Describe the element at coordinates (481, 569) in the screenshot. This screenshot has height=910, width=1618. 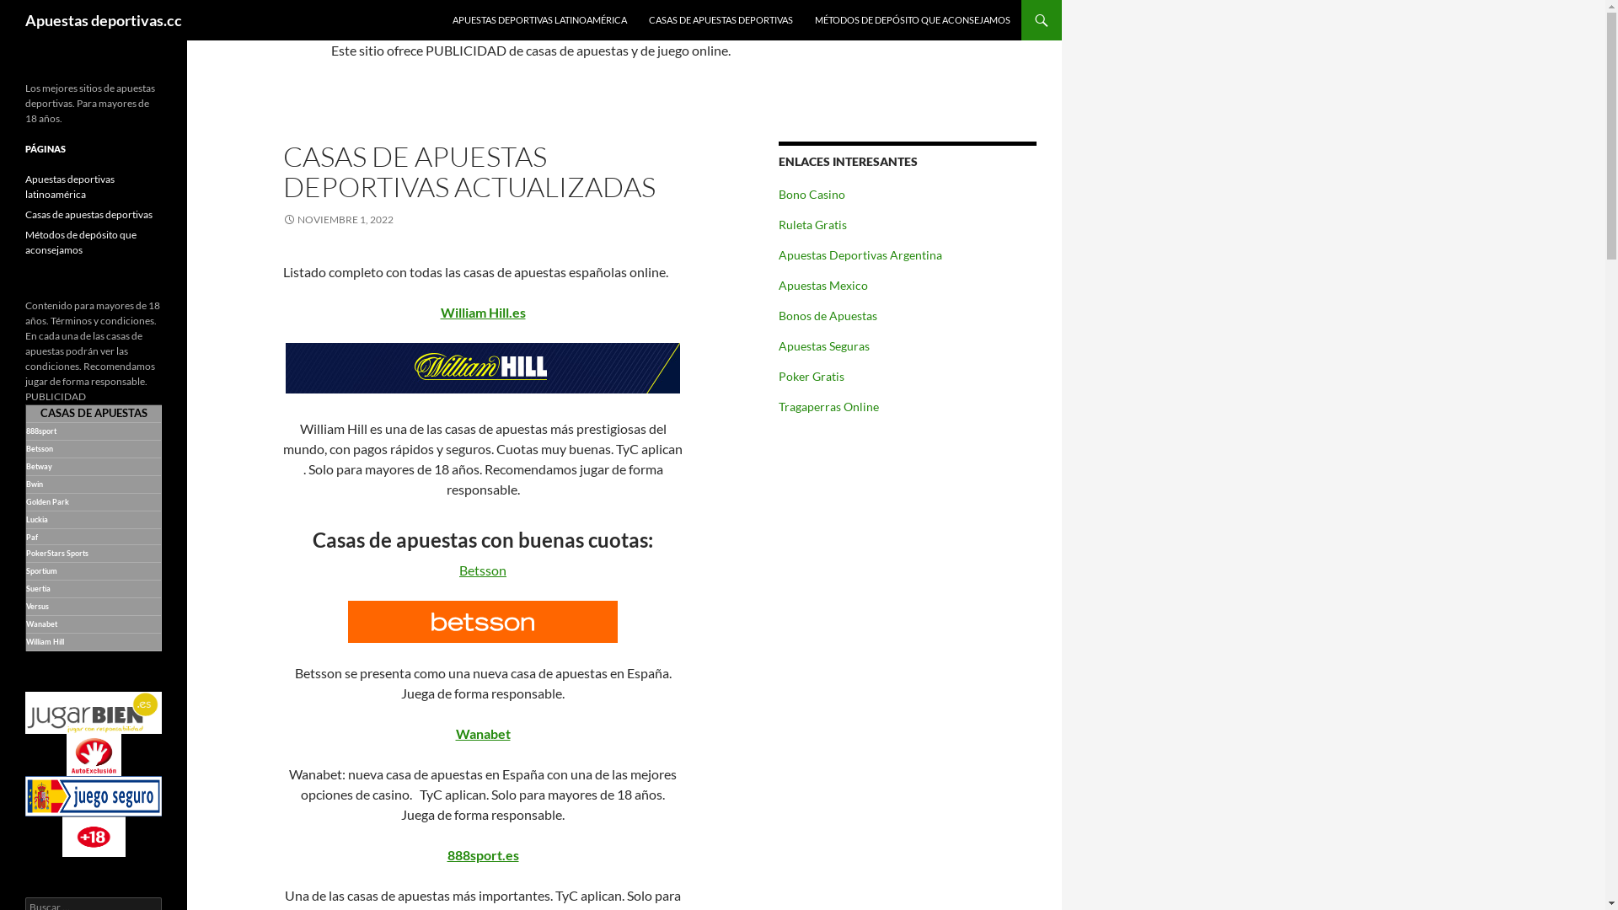
I see `'Betsson'` at that location.